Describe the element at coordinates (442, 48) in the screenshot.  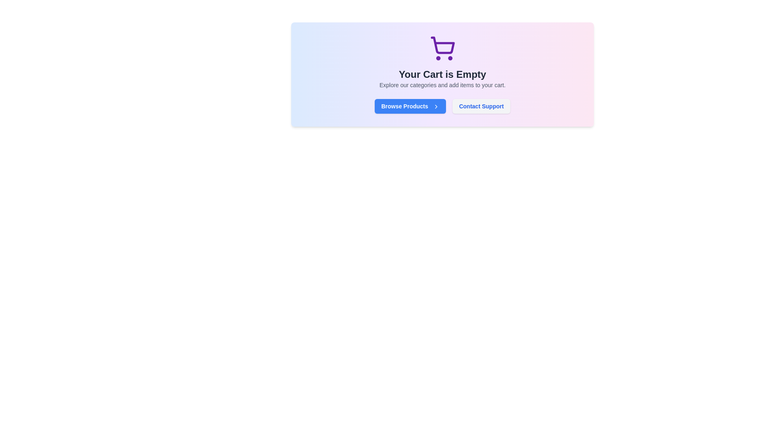
I see `the shopping cart icon located at the center-top of the card section, which emphasizes the empty cart message below` at that location.